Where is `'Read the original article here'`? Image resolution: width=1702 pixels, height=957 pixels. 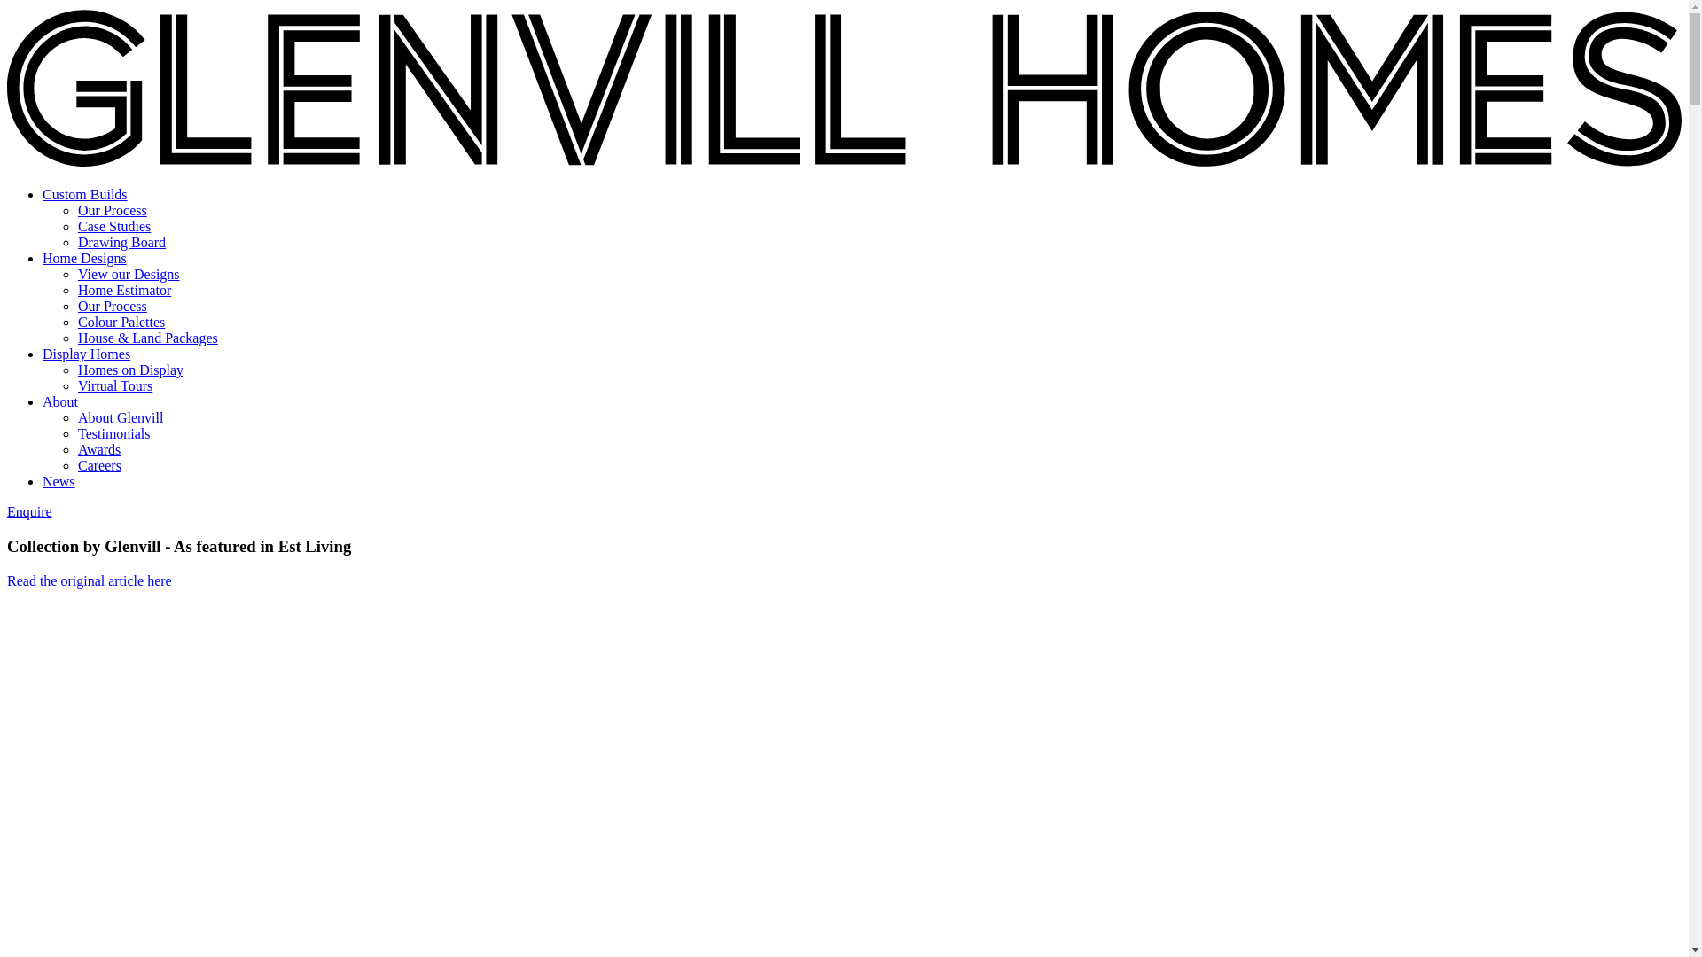
'Read the original article here' is located at coordinates (88, 580).